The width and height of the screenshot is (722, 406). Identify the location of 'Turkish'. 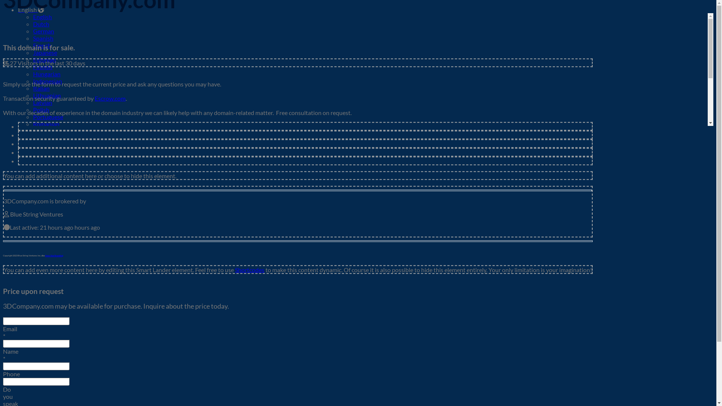
(42, 159).